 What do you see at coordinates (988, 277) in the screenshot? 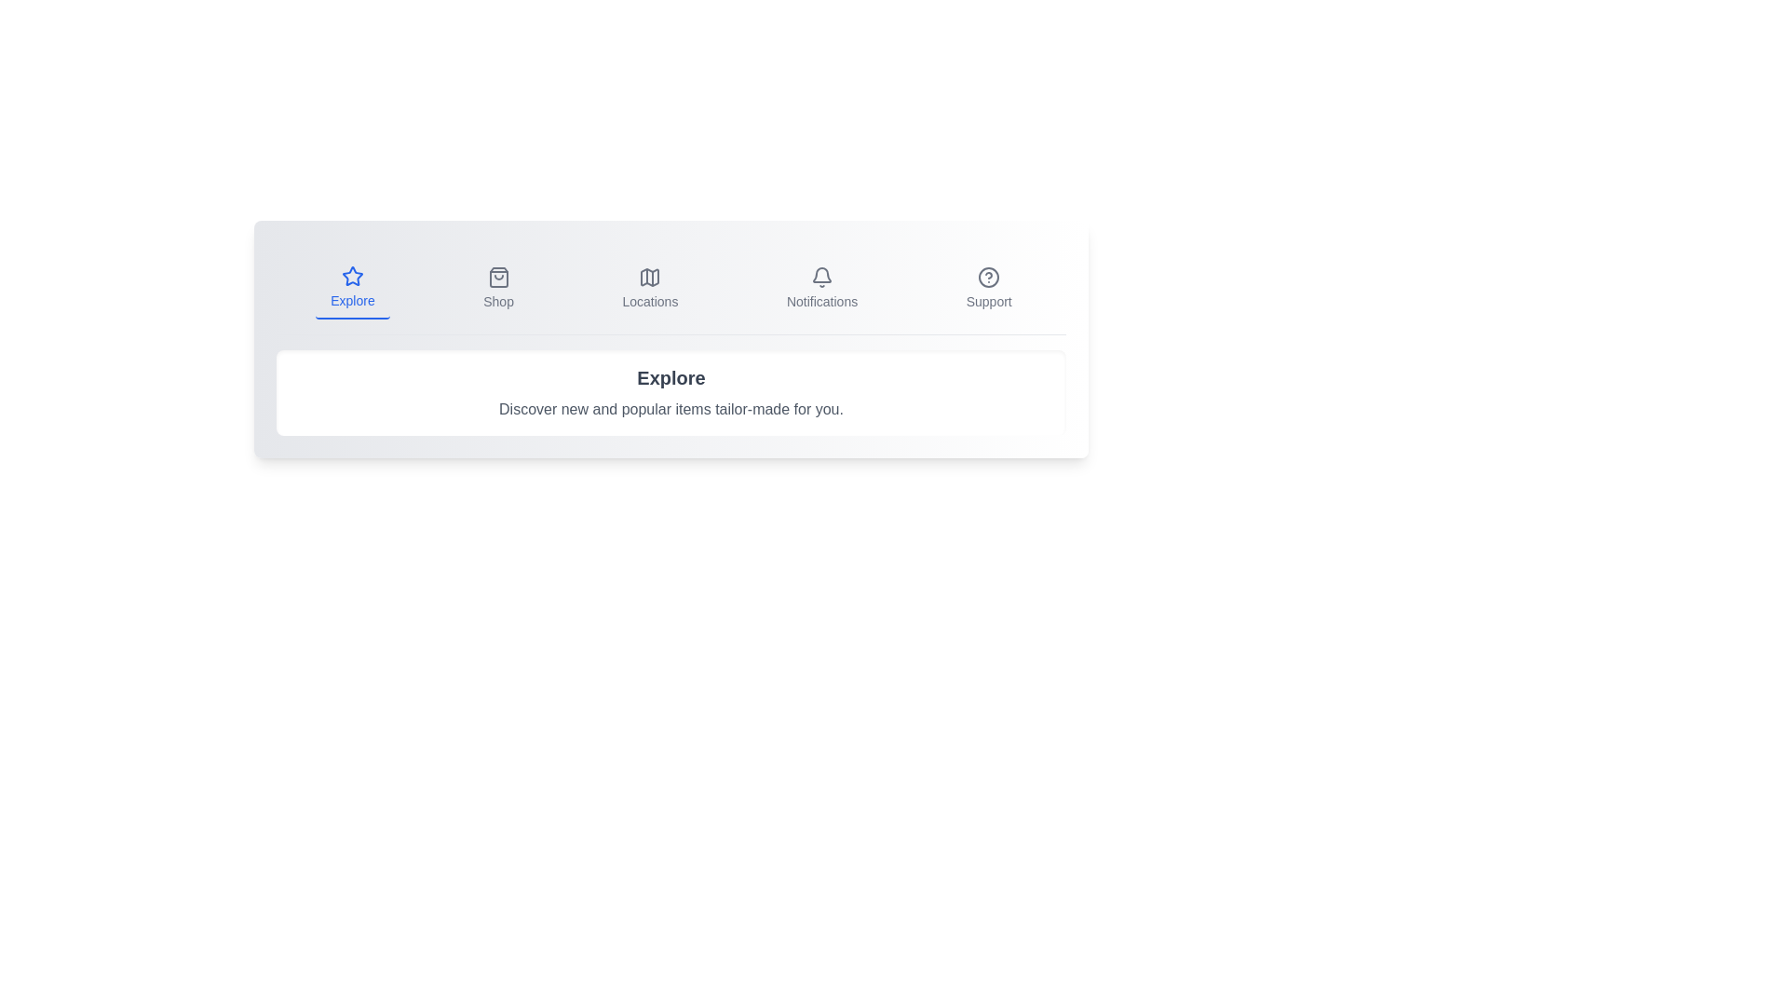
I see `the help icon, a circular icon with a question mark, located at the top-right corner of the menu bar above the 'Support' label` at bounding box center [988, 277].